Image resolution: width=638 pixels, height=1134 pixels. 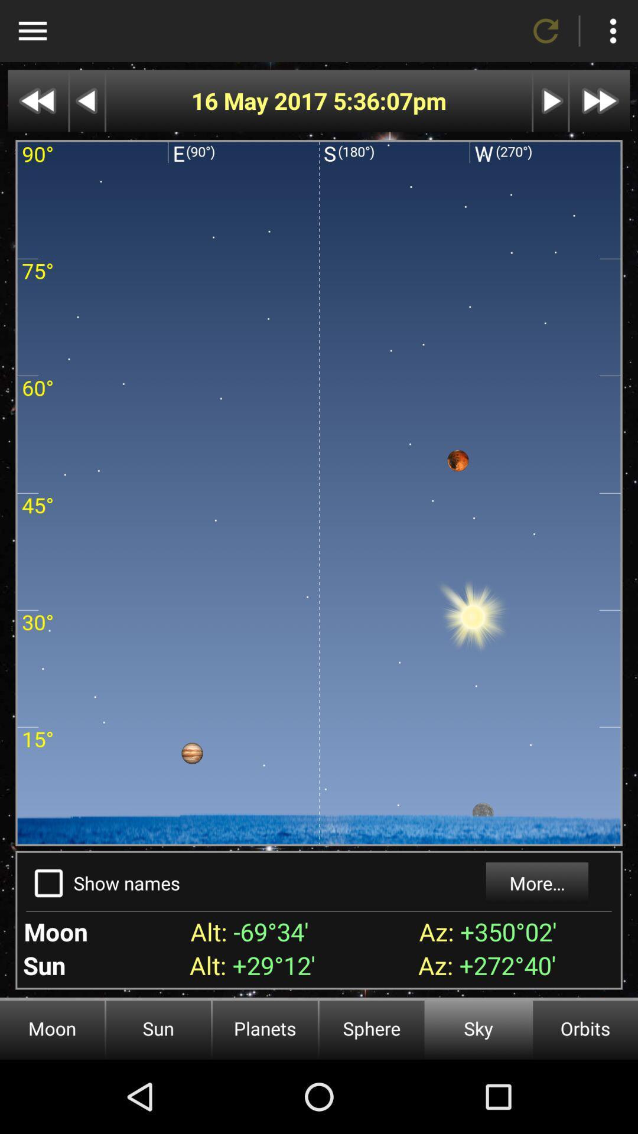 What do you see at coordinates (551, 101) in the screenshot?
I see `fast forward buttong` at bounding box center [551, 101].